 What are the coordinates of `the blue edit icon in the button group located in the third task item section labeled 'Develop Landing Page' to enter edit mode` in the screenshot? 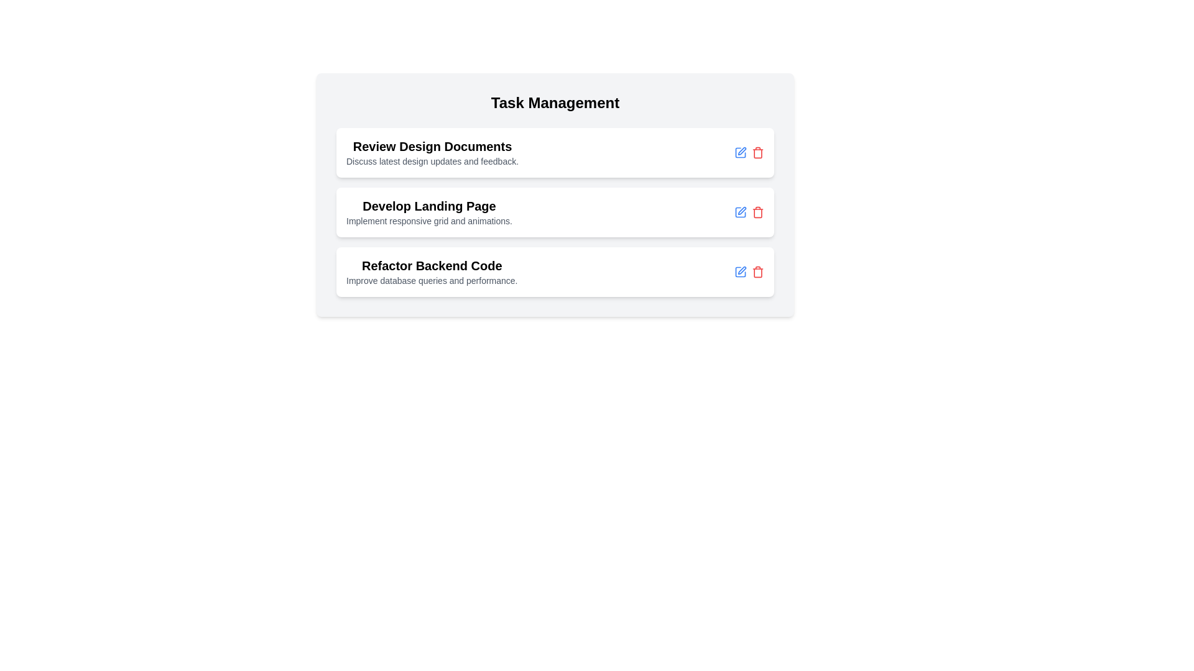 It's located at (748, 212).